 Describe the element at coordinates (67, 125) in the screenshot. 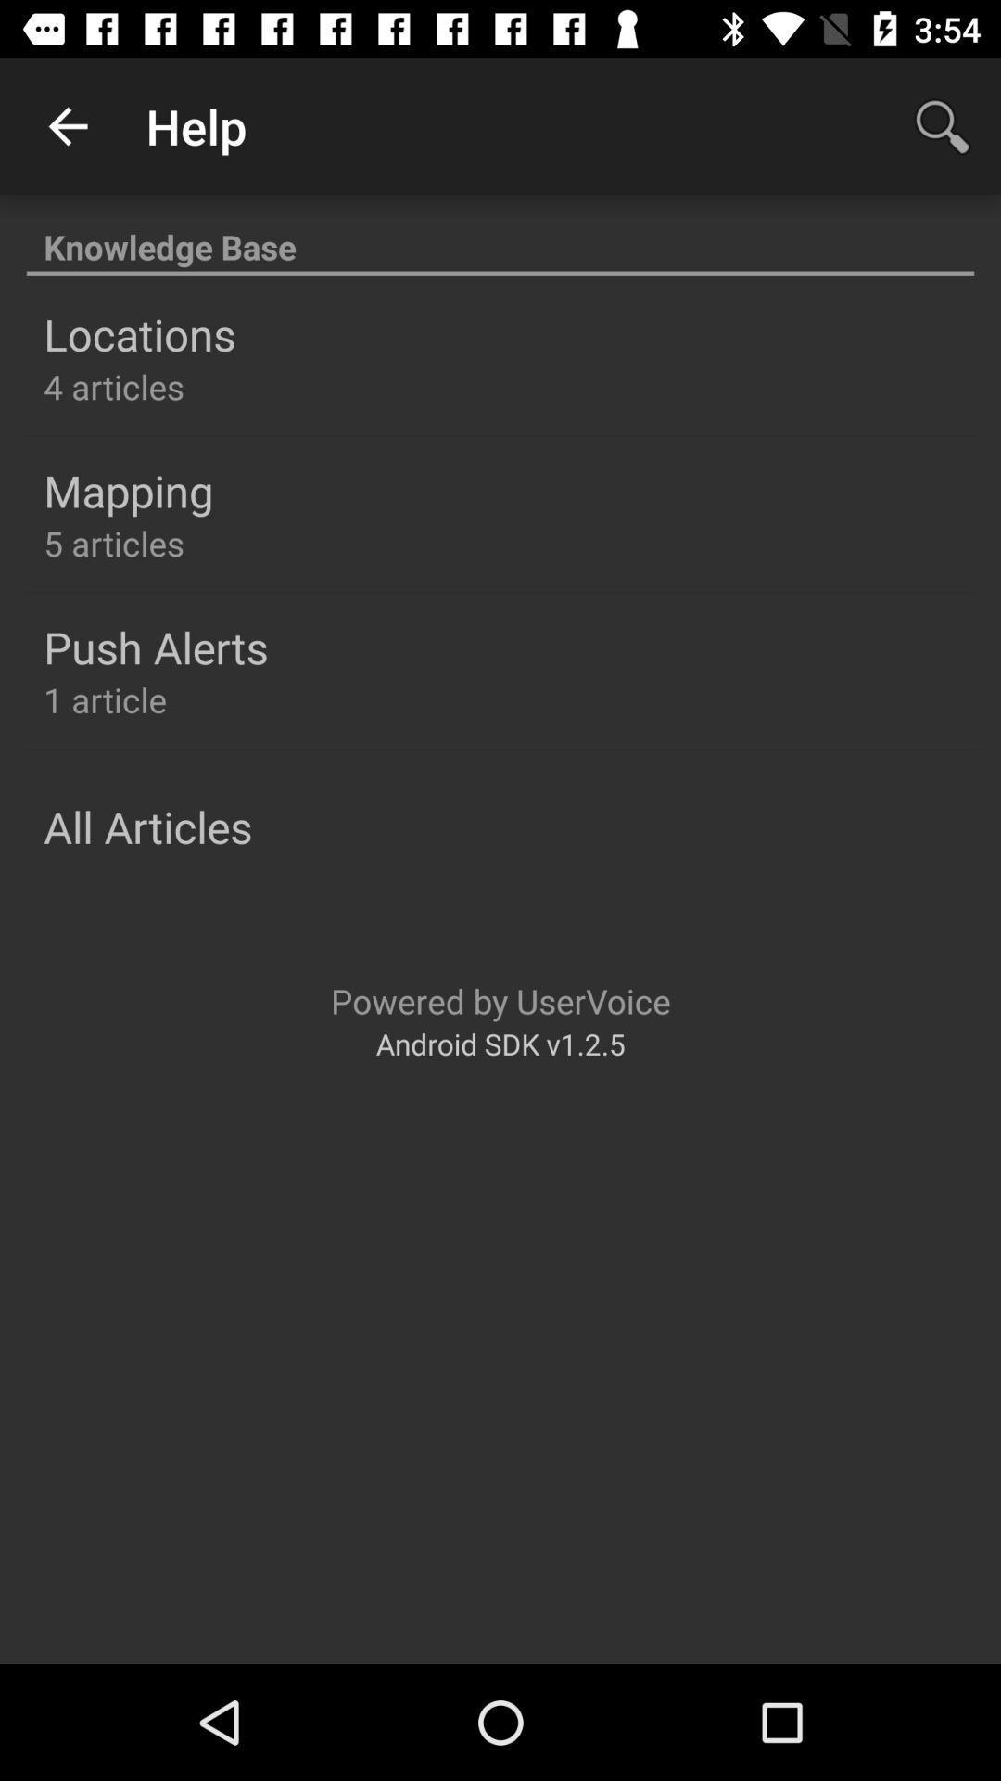

I see `the icon above the knowledge base icon` at that location.